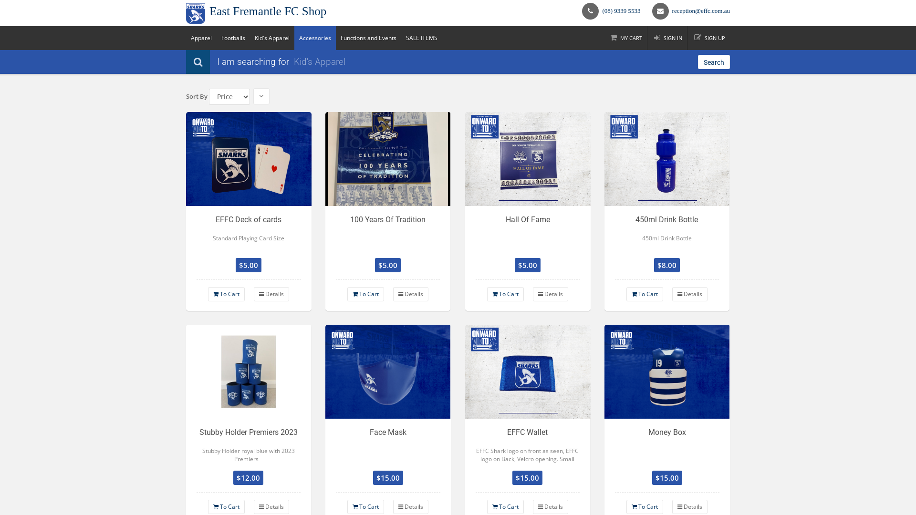  Describe the element at coordinates (368, 38) in the screenshot. I see `'Functions and Events'` at that location.